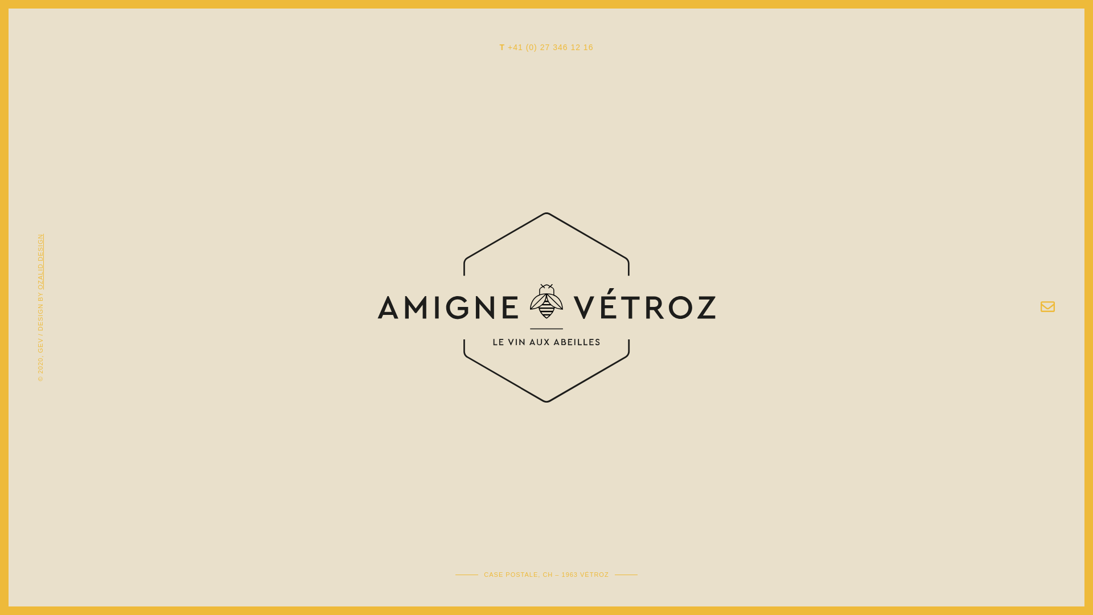 The image size is (1093, 615). What do you see at coordinates (64, 236) in the screenshot?
I see `'OZALID DESIGN'` at bounding box center [64, 236].